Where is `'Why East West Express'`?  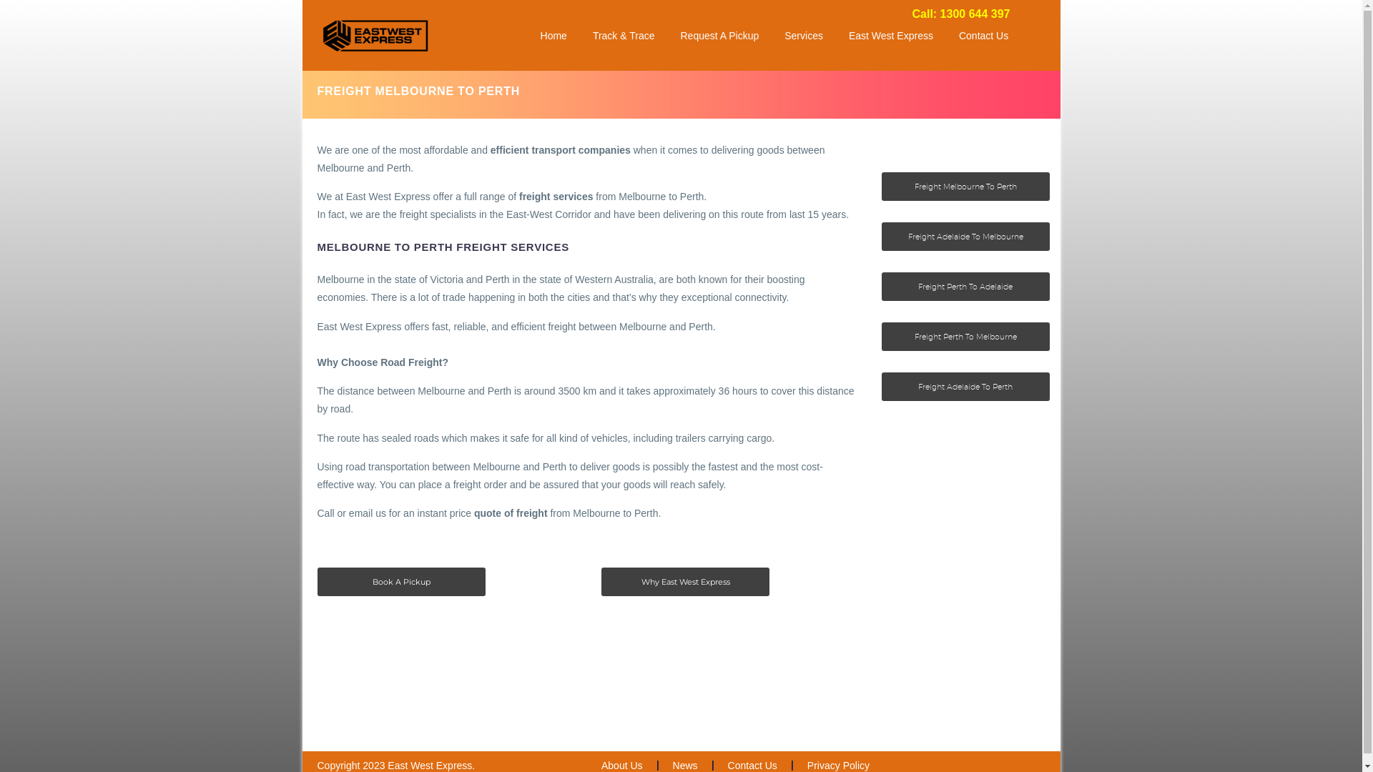 'Why East West Express' is located at coordinates (601, 581).